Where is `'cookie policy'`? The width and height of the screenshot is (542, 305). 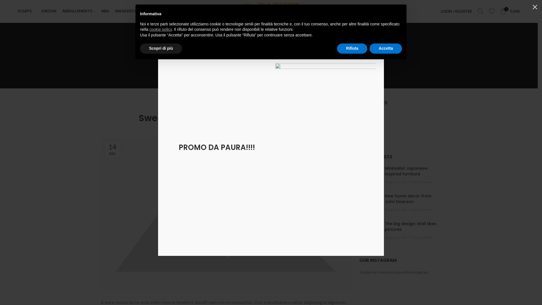
'cookie policy' is located at coordinates (149, 29).